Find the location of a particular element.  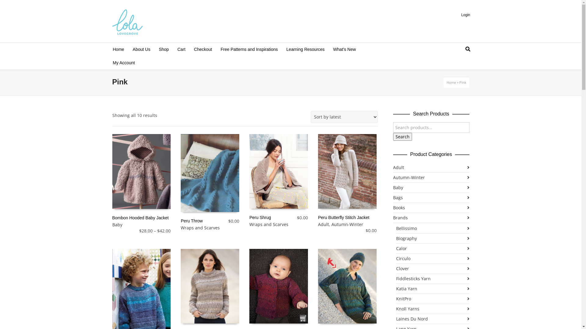

'Biography' is located at coordinates (396, 238).